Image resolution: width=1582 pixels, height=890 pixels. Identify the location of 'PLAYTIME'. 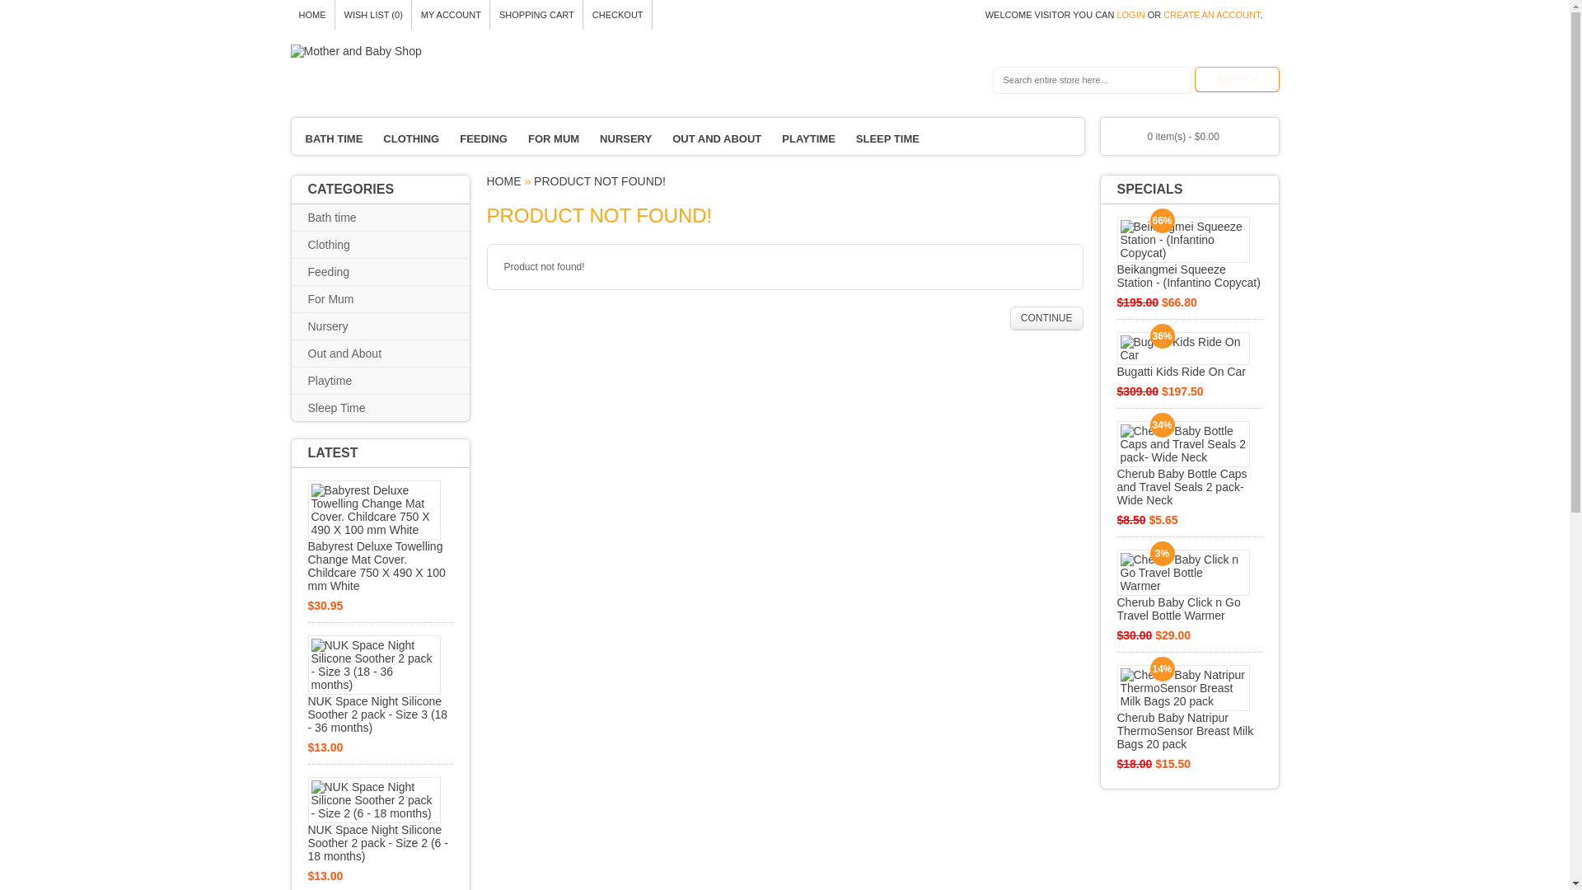
(808, 138).